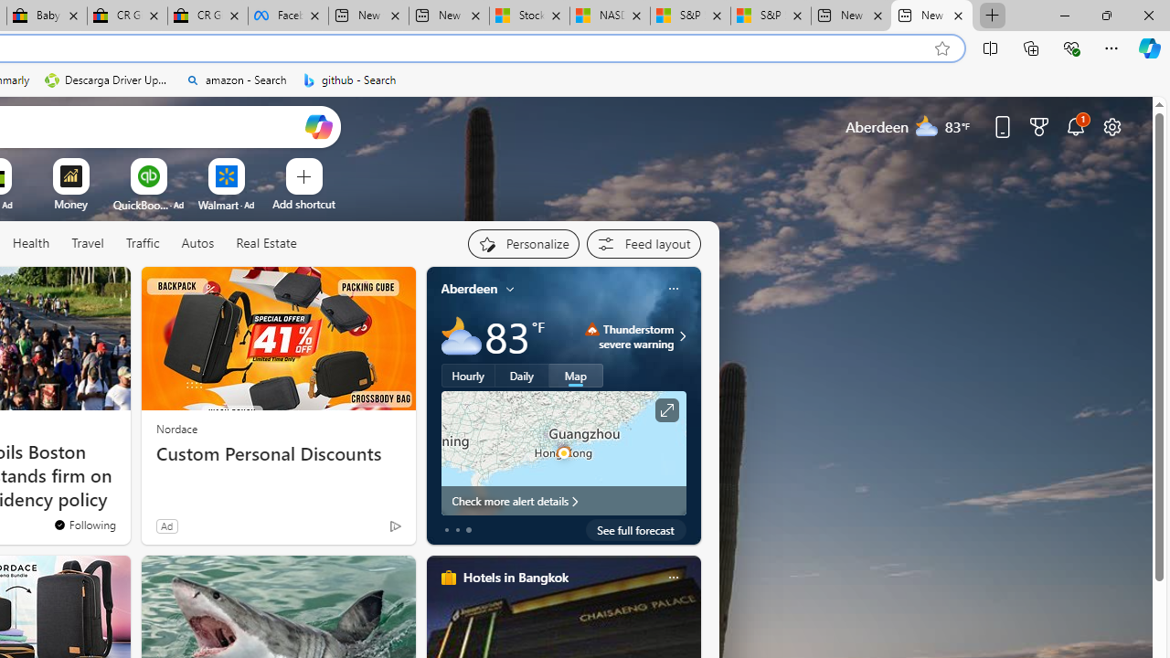 The image size is (1170, 658). What do you see at coordinates (771, 16) in the screenshot?
I see `'S&P 500, Nasdaq end lower, weighed by Nvidia dip | Watch'` at bounding box center [771, 16].